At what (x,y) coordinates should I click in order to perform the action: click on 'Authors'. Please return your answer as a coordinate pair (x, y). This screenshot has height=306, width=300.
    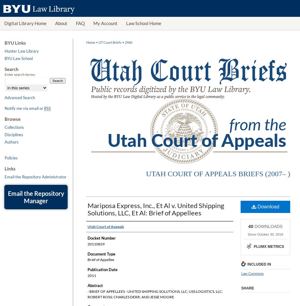
    Looking at the image, I should click on (12, 141).